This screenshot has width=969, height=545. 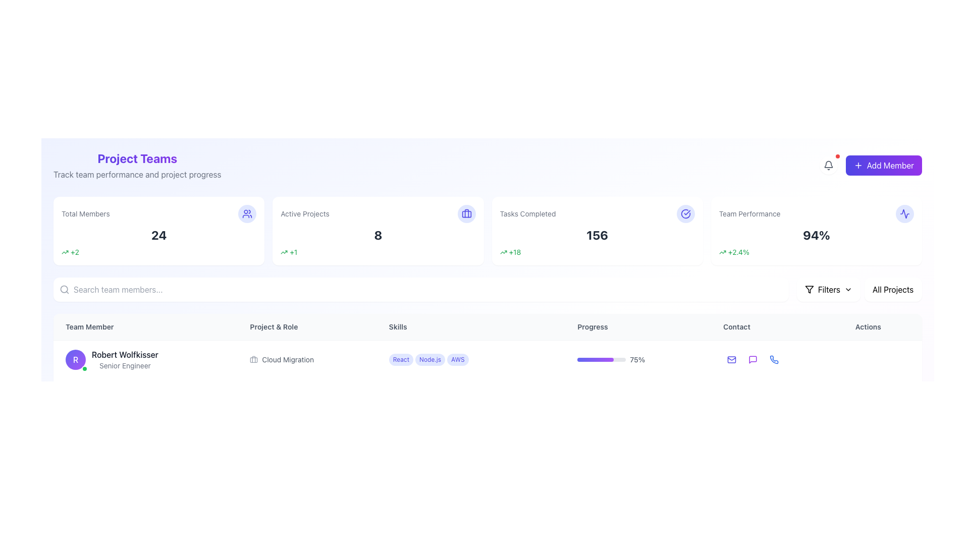 I want to click on the Text Label displaying '+2.4%' in green font, located within the 'Team Performance' card, positioned at the far right of the top row of summary cards, so click(x=738, y=252).